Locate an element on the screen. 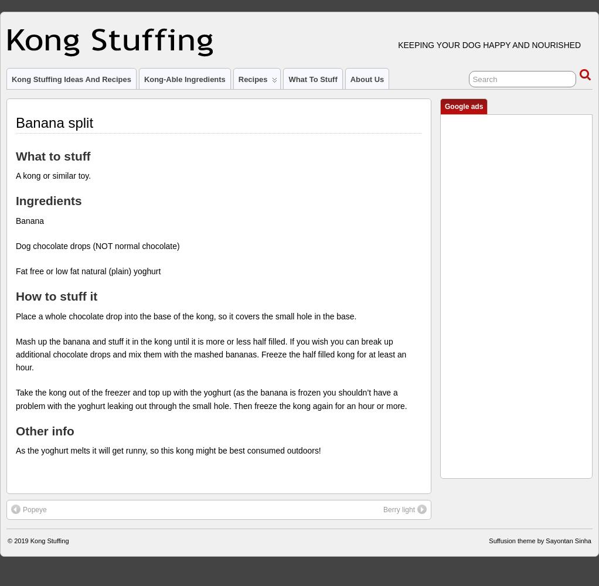 The image size is (599, 586). 'Other info' is located at coordinates (15, 430).